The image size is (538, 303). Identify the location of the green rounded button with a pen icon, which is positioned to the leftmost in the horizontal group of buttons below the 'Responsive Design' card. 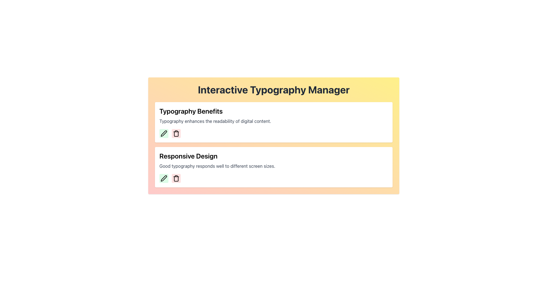
(164, 133).